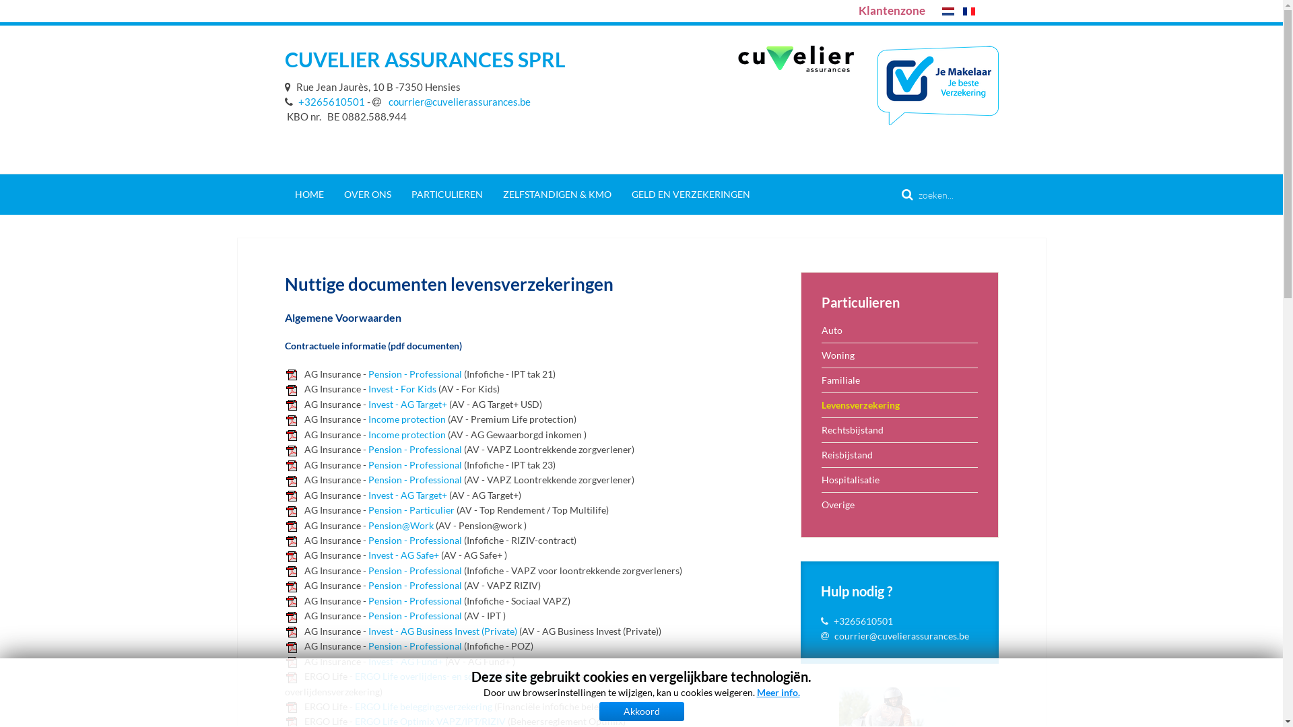  I want to click on 'Pension - Professional', so click(368, 645).